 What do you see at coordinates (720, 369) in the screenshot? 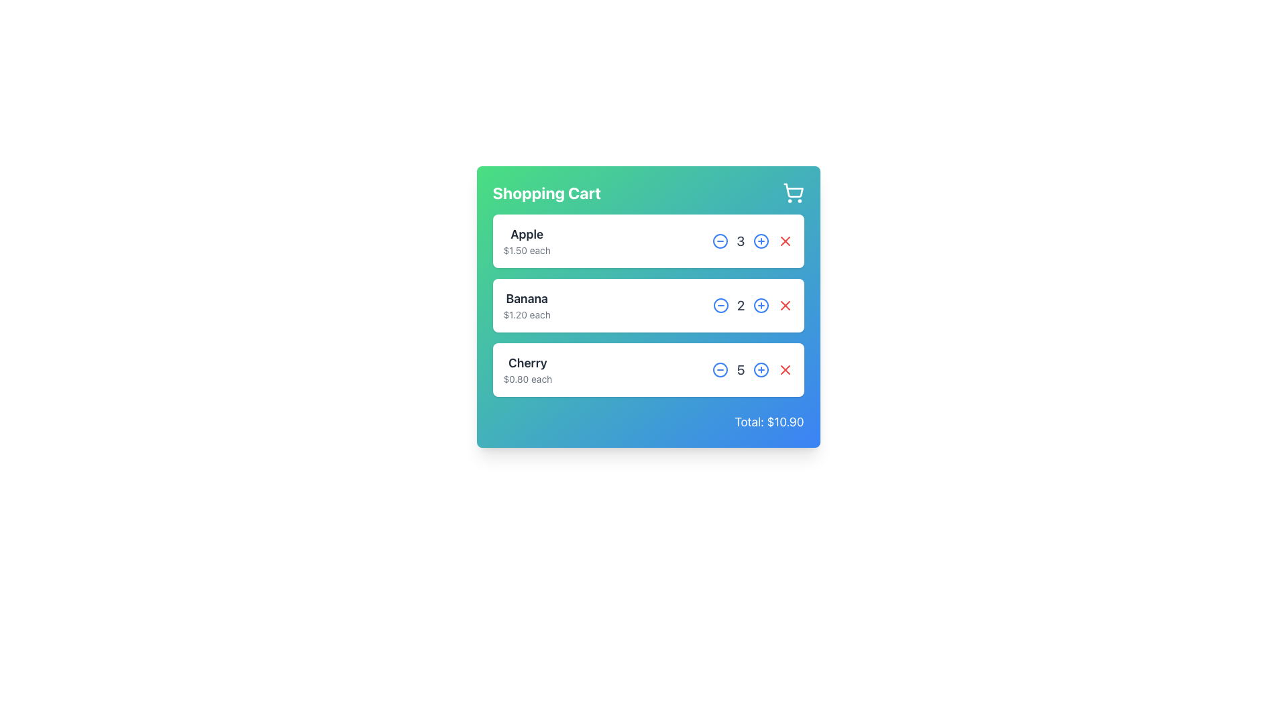
I see `the decrement button for reducing the quantity of the 'Cherry' item in the shopping cart, which is the first interactive item in the quantity modification controls` at bounding box center [720, 369].